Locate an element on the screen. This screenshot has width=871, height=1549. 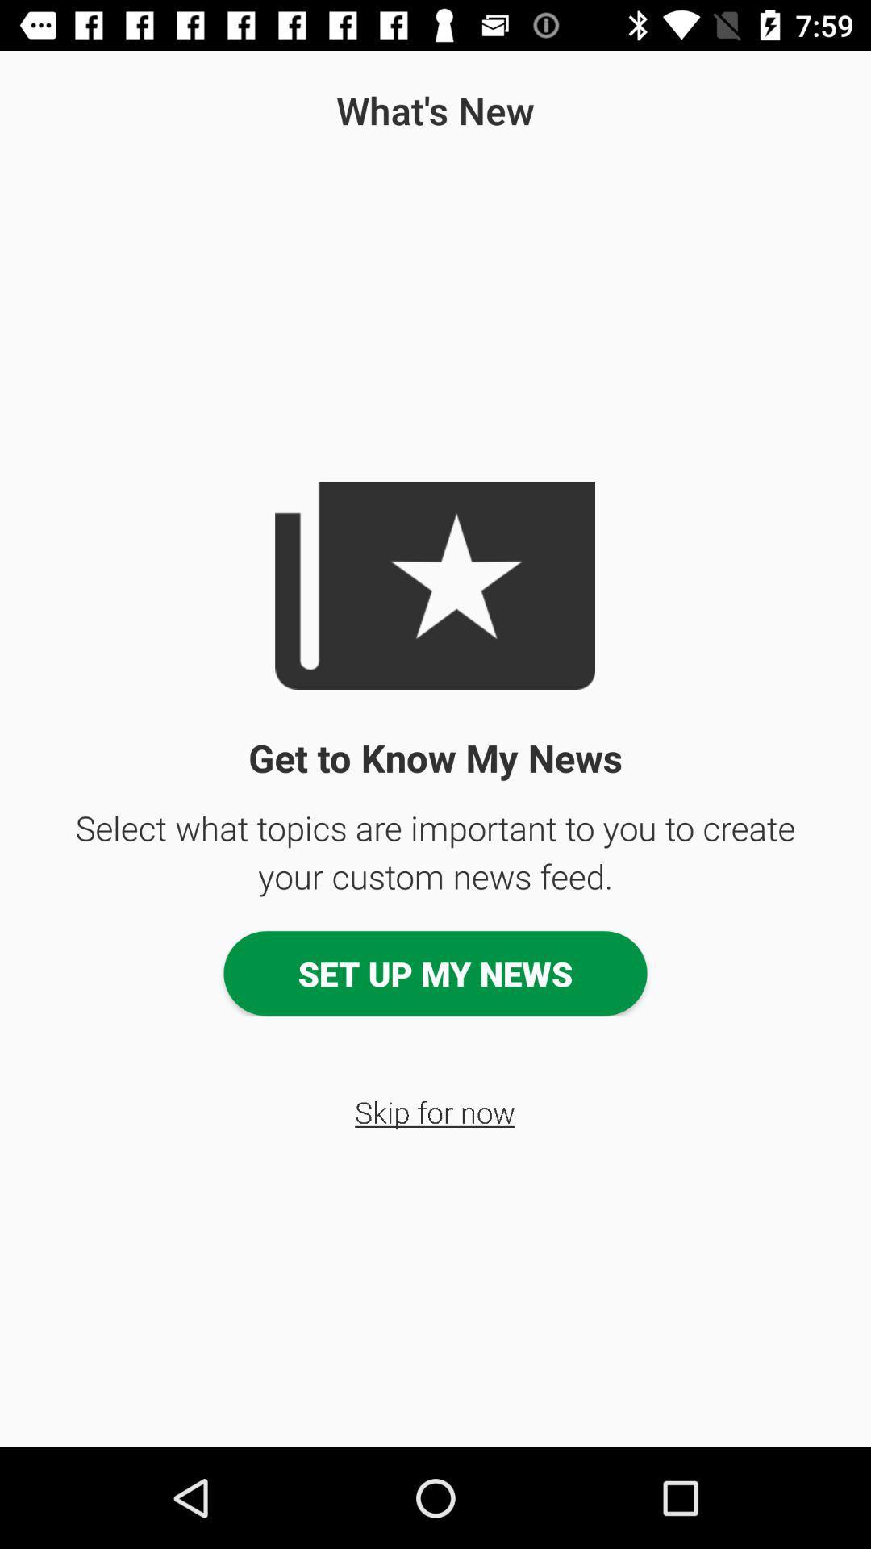
skip for now item is located at coordinates (434, 1111).